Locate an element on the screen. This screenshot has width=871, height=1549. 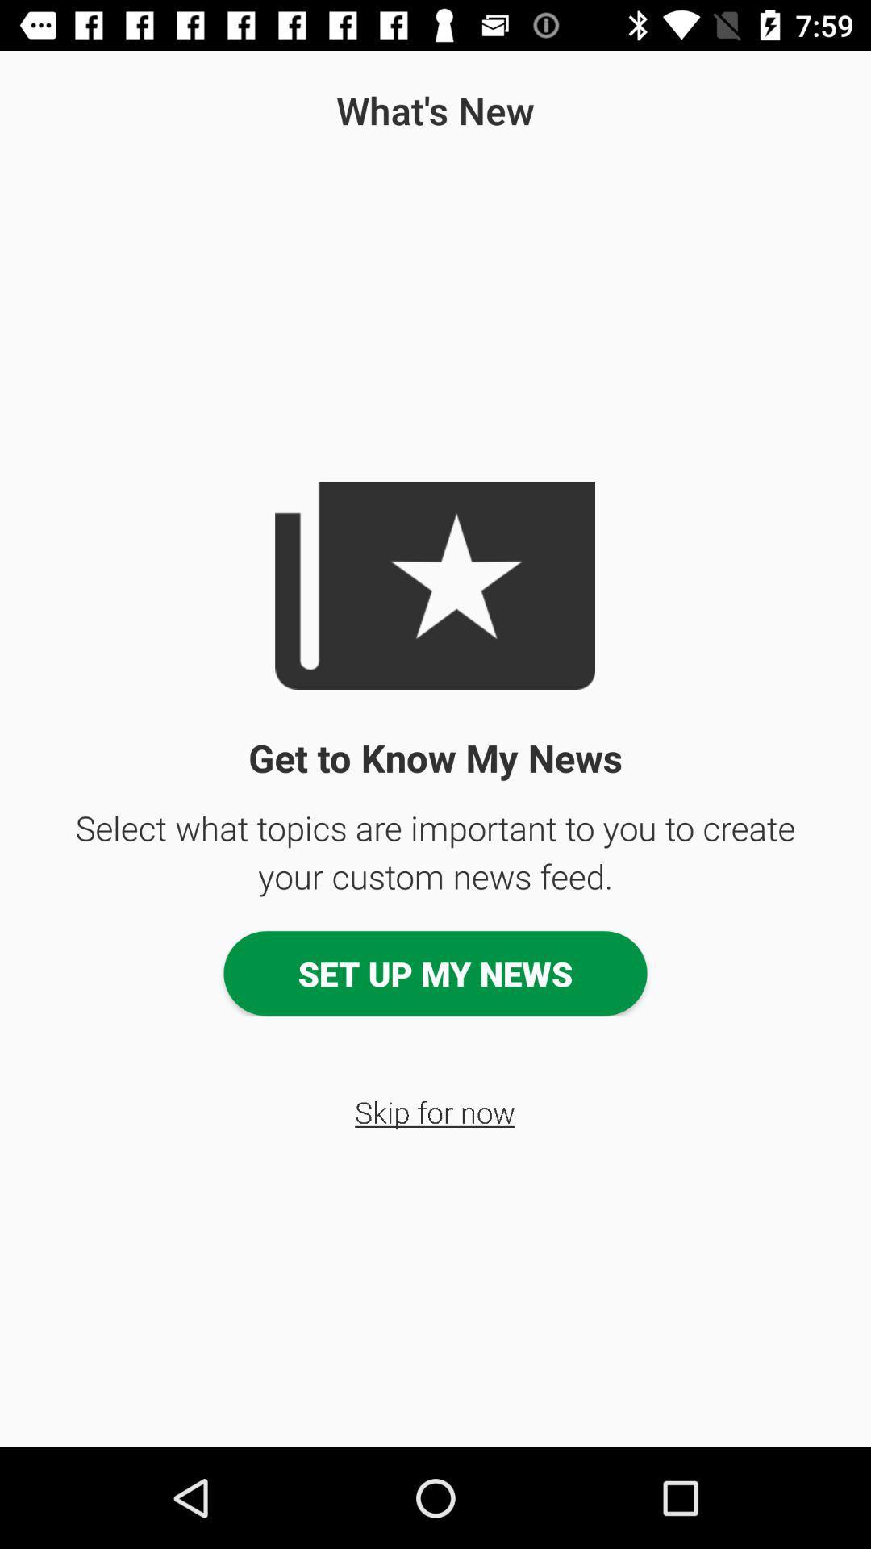
skip for now item is located at coordinates (434, 1111).